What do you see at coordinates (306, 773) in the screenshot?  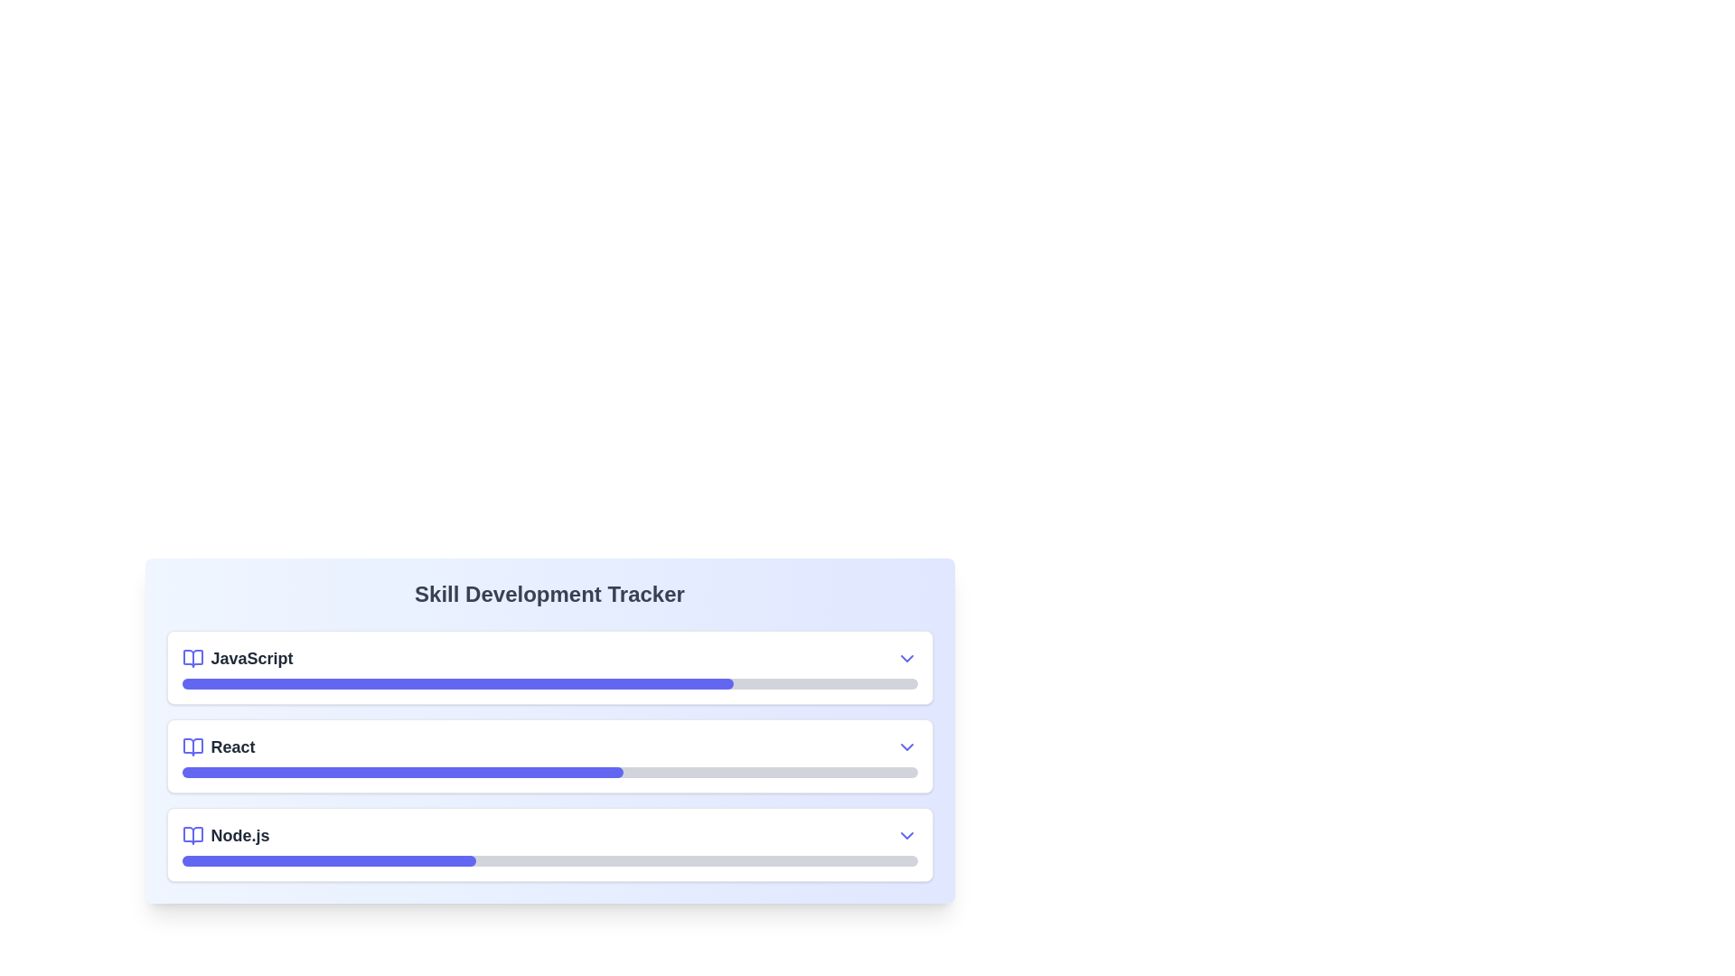 I see `the progress of the bar` at bounding box center [306, 773].